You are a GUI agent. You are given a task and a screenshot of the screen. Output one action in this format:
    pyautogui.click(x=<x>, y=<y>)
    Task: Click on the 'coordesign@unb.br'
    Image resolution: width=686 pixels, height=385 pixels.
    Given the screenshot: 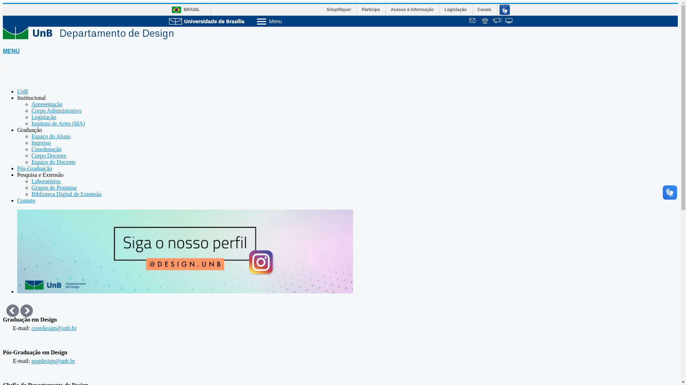 What is the action you would take?
    pyautogui.click(x=31, y=328)
    